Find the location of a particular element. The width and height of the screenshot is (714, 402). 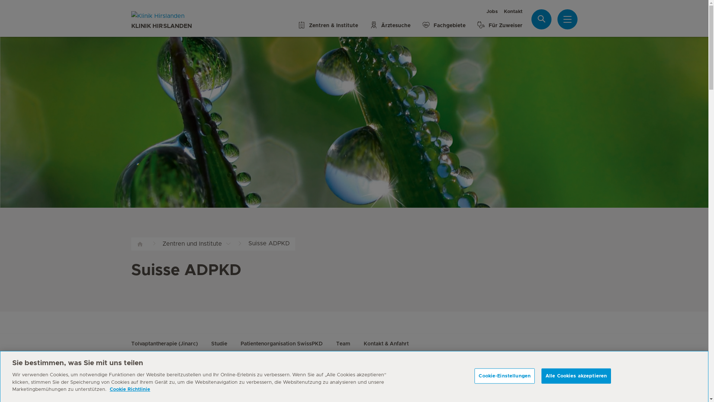

'Cookie Richtlinie' is located at coordinates (130, 389).